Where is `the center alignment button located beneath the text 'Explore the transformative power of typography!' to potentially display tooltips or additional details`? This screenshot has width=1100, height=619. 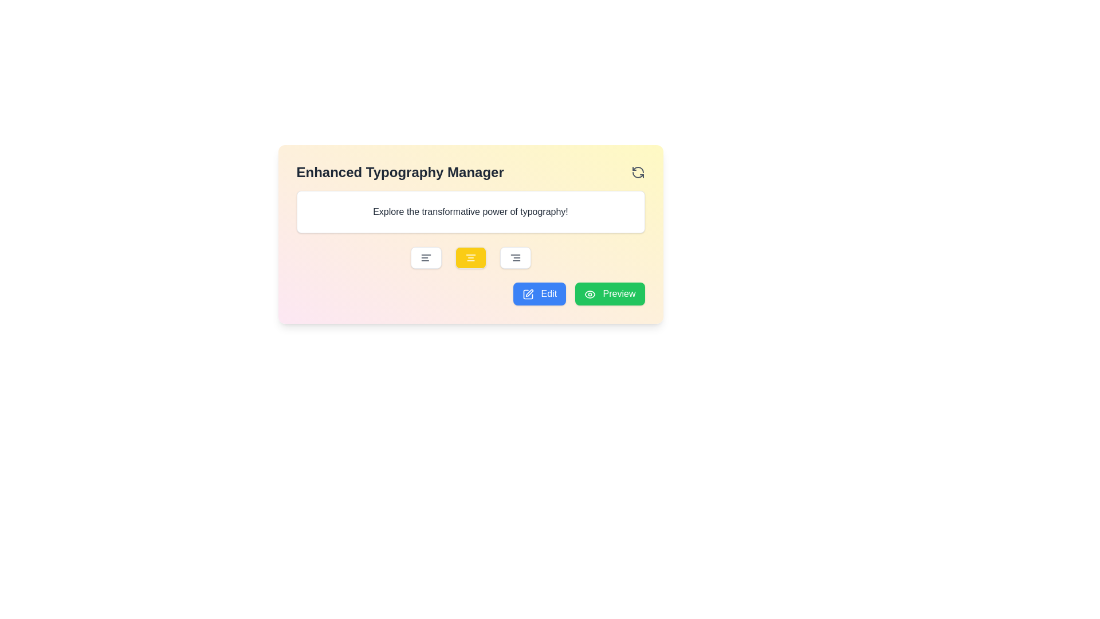 the center alignment button located beneath the text 'Explore the transformative power of typography!' to potentially display tooltips or additional details is located at coordinates (470, 258).